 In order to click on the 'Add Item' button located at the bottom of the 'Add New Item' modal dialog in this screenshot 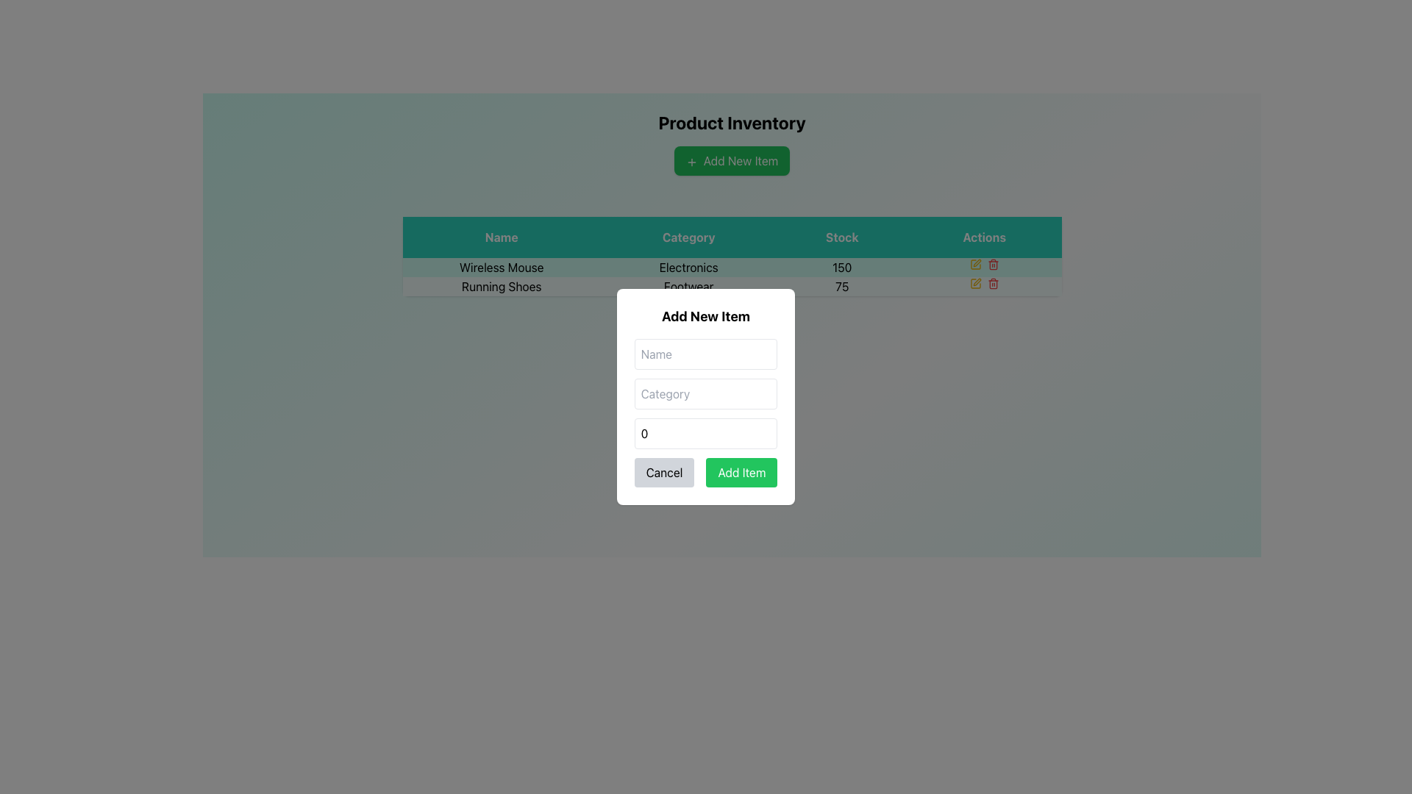, I will do `click(706, 473)`.